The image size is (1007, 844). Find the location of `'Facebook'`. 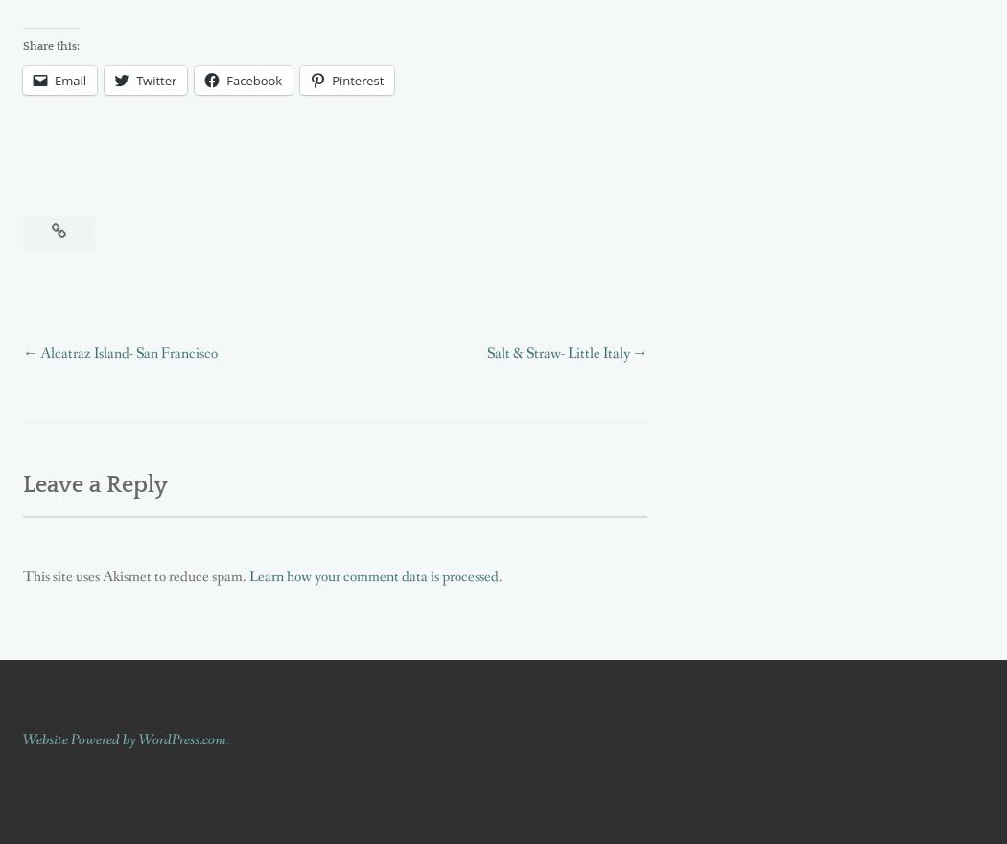

'Facebook' is located at coordinates (253, 78).